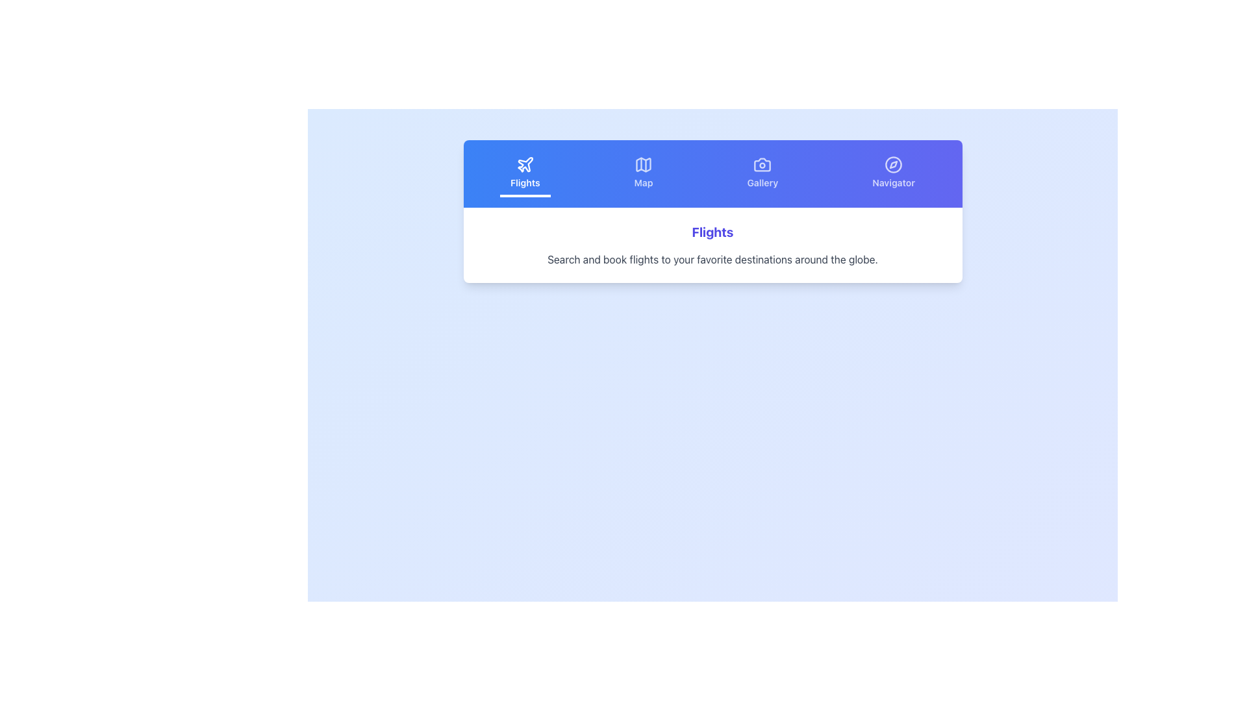  I want to click on the 'Flights' button, which features a small airplane icon and is styled with a blue background, so click(525, 173).